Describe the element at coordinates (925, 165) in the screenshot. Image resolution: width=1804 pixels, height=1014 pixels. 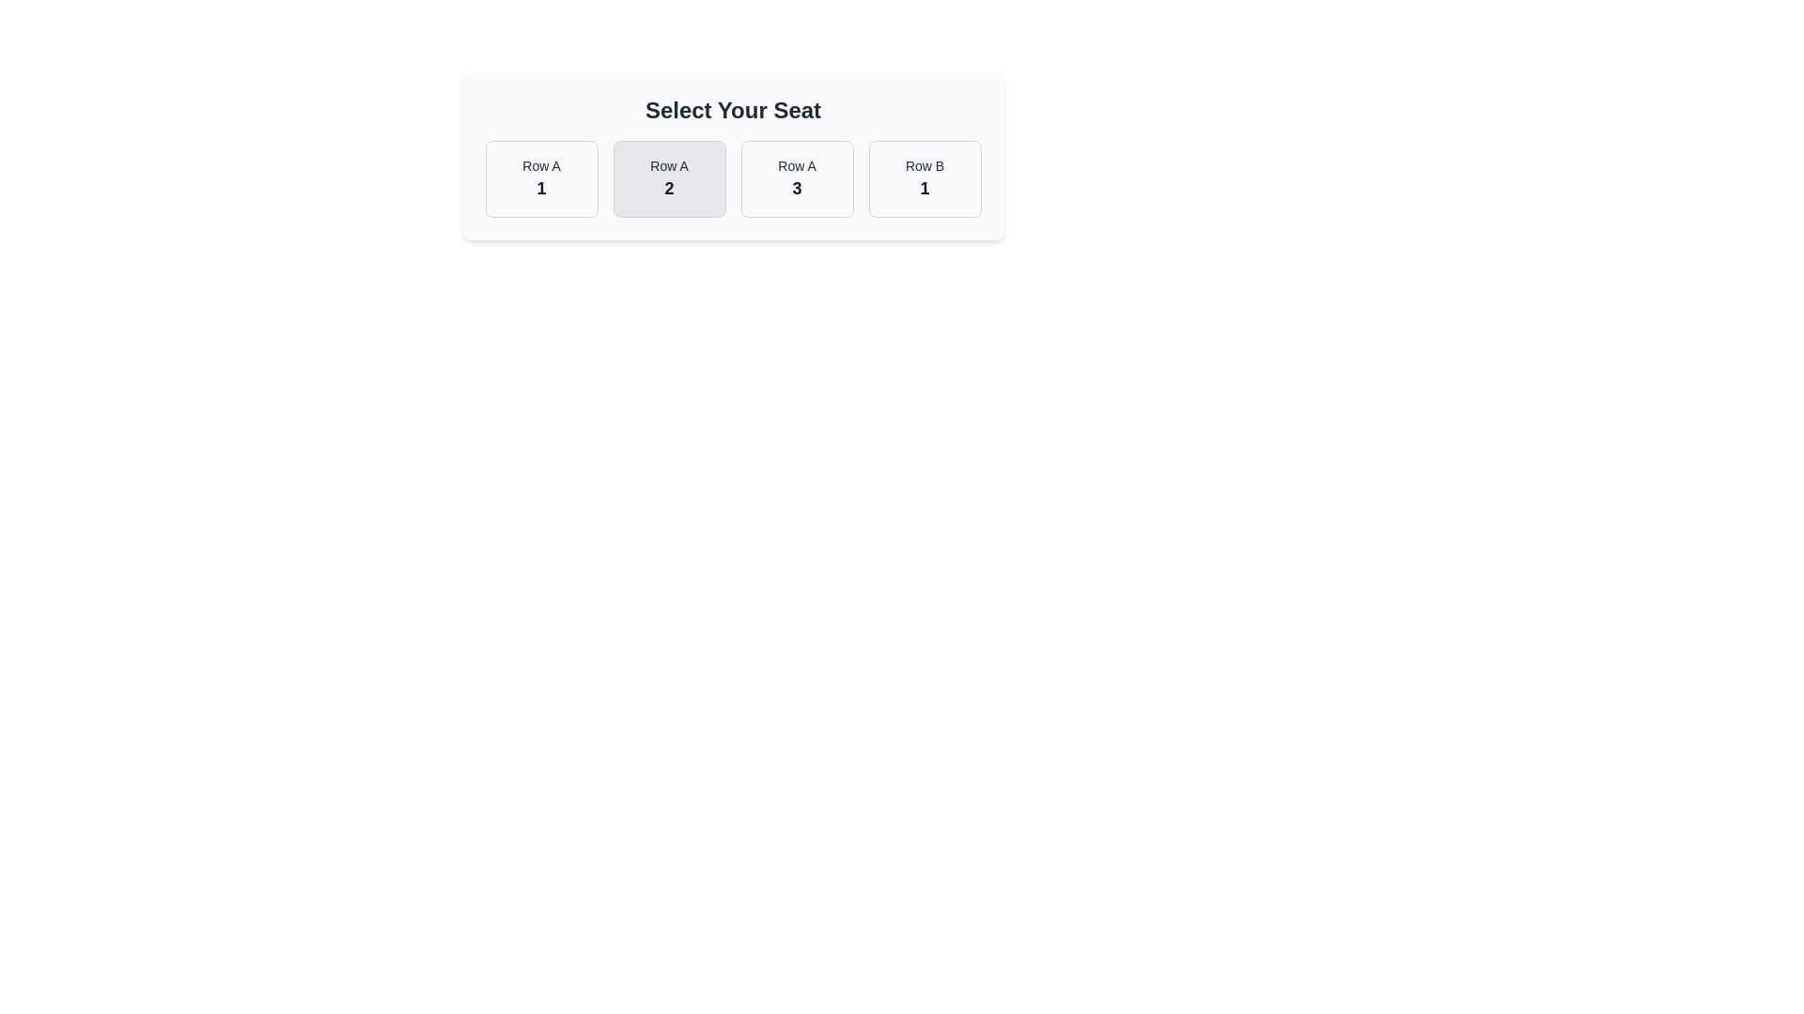
I see `the static text element displaying 'Row B', which is styled with a smaller font size and dark gray color, located at the rightmost end of the 'Select Your Seat' section` at that location.